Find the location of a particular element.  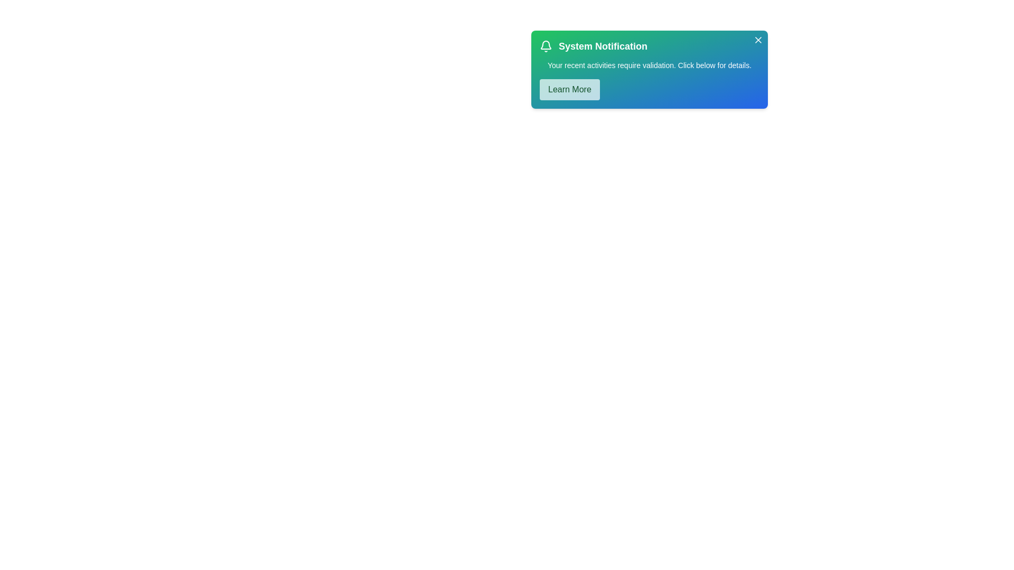

the 'Learn More' button is located at coordinates (569, 89).